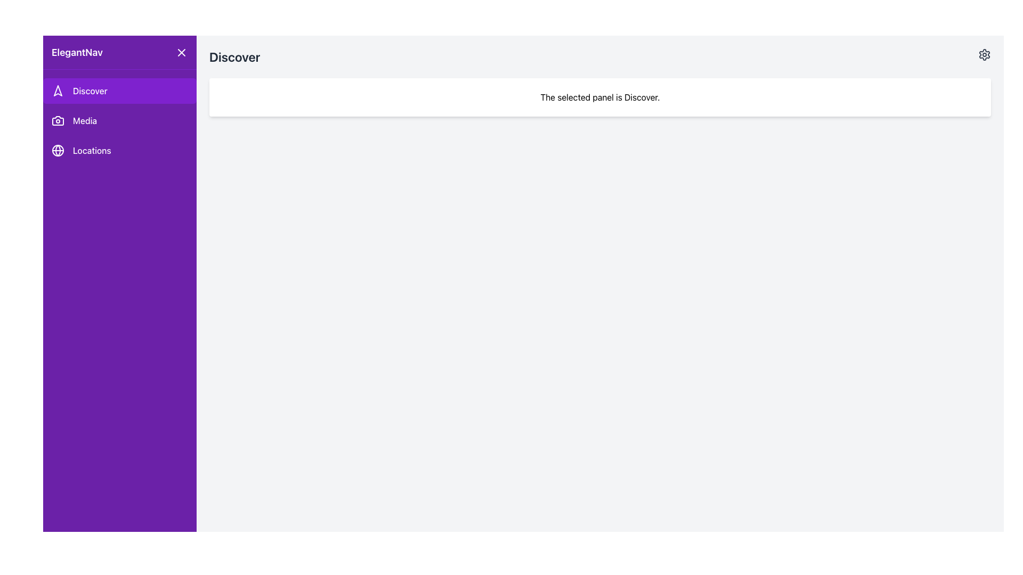  I want to click on the diagonal cross-shaped icon in the upper-right corner of the purple navigation bar, so click(181, 52).